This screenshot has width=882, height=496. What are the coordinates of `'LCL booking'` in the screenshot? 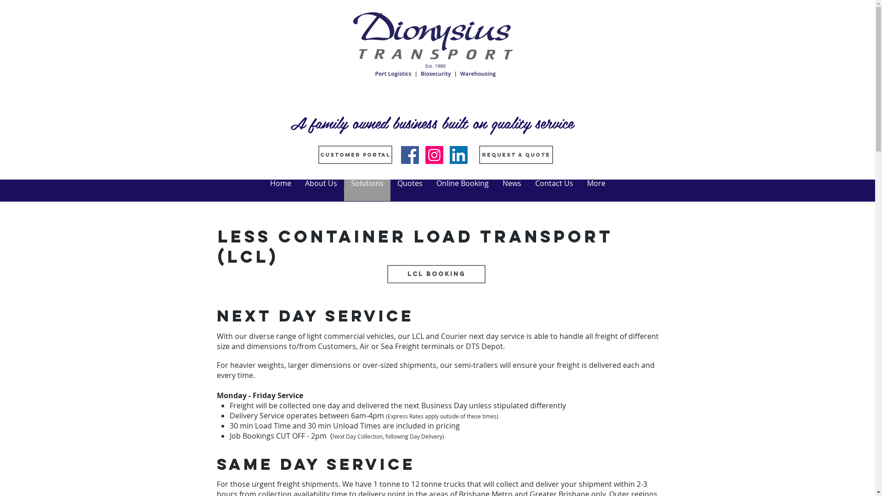 It's located at (386, 274).